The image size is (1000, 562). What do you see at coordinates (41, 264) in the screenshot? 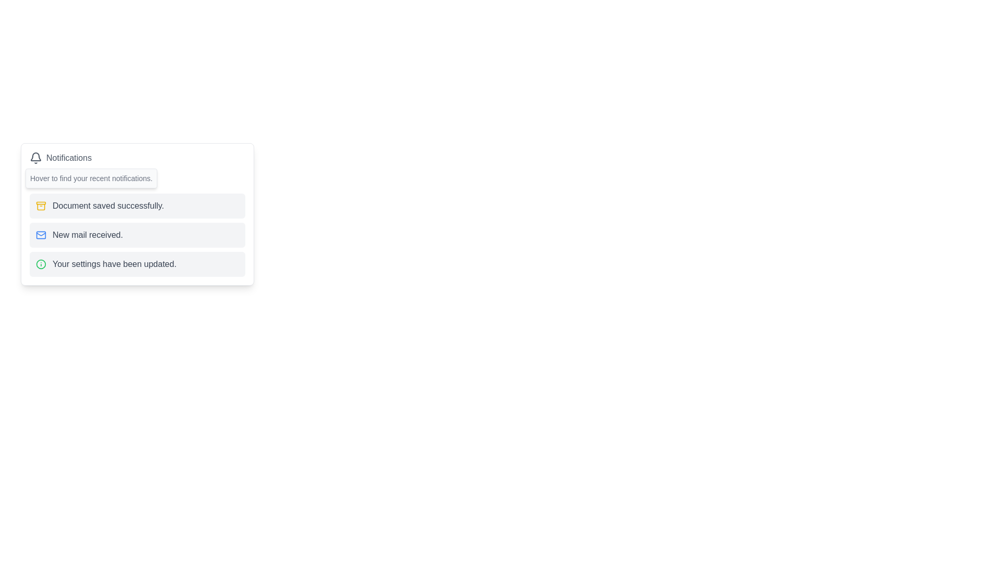
I see `the circular icon with a green border and an exclamation mark, which is positioned at the beginning of the 'Your settings have been updated' notification message in the gray notification card` at bounding box center [41, 264].